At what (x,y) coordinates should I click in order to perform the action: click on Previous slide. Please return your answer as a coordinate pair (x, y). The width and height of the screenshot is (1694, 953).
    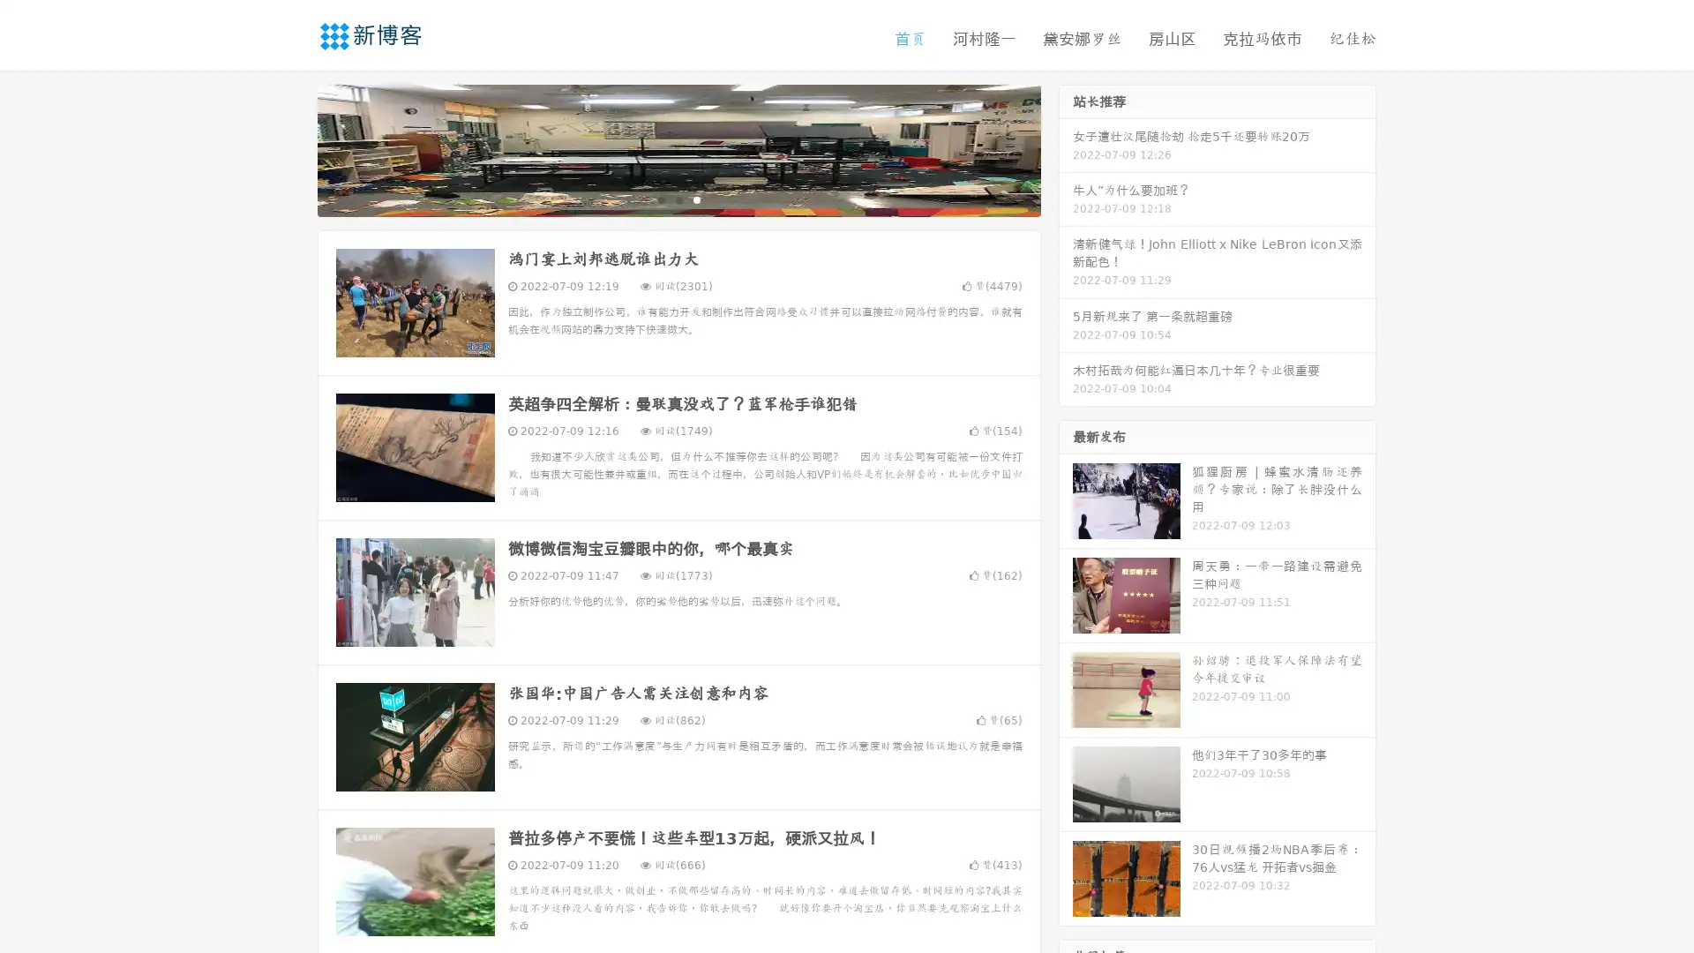
    Looking at the image, I should click on (291, 148).